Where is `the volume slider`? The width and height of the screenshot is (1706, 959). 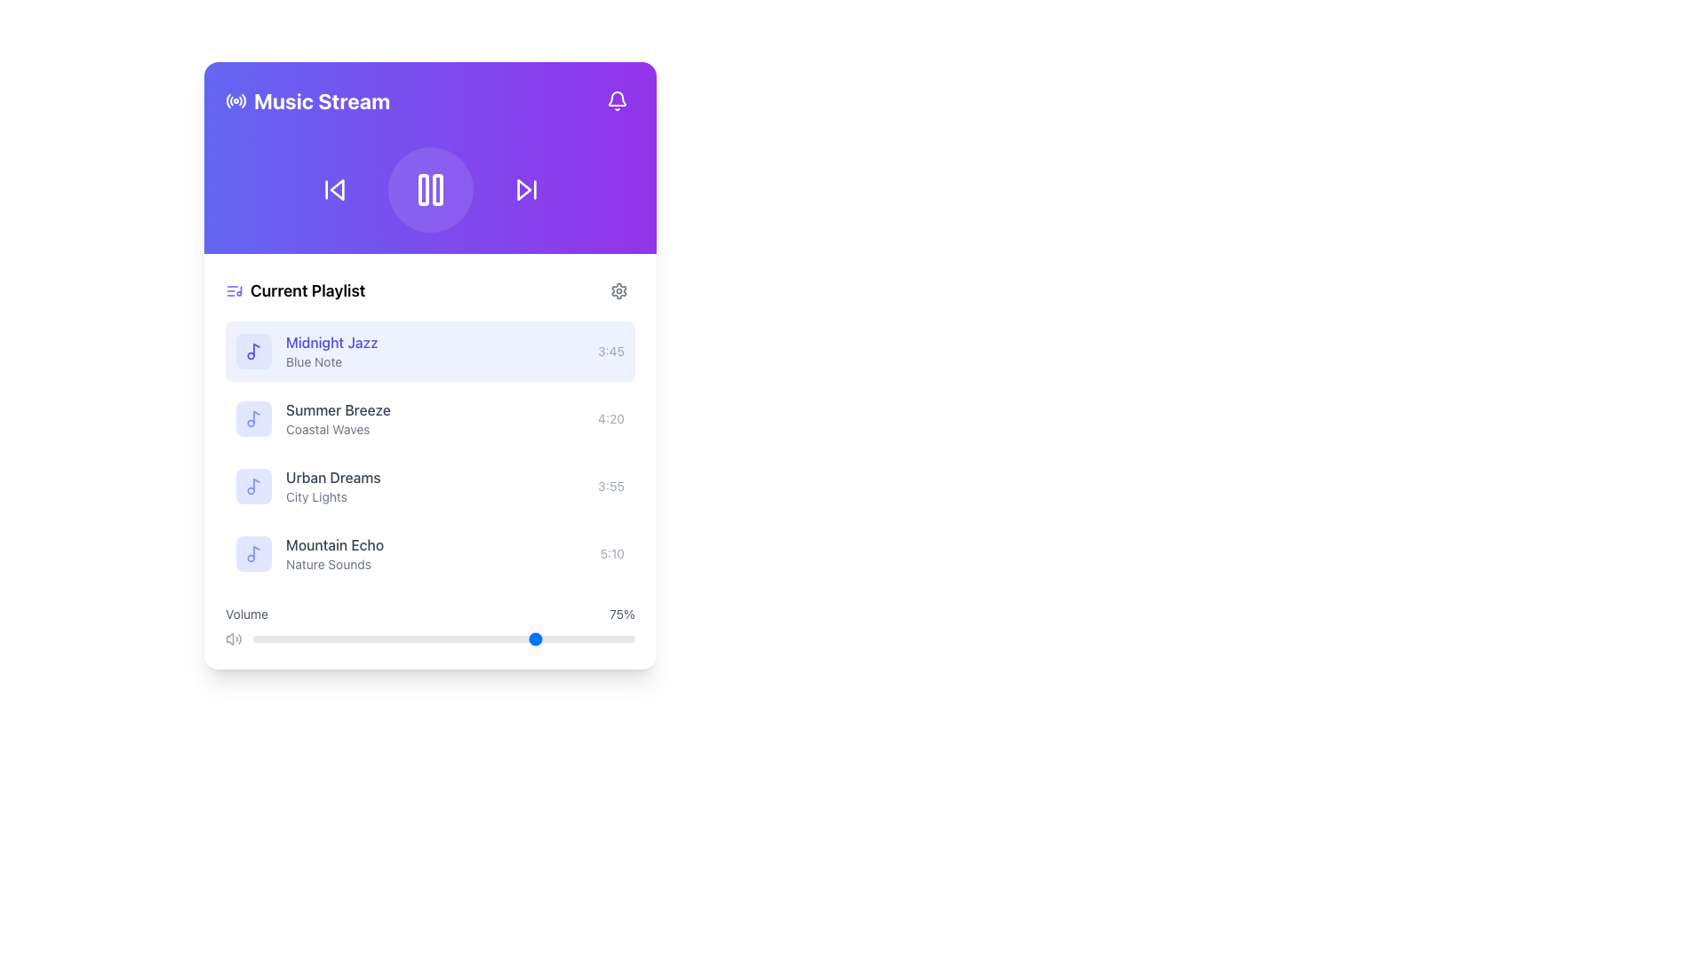 the volume slider is located at coordinates (263, 639).